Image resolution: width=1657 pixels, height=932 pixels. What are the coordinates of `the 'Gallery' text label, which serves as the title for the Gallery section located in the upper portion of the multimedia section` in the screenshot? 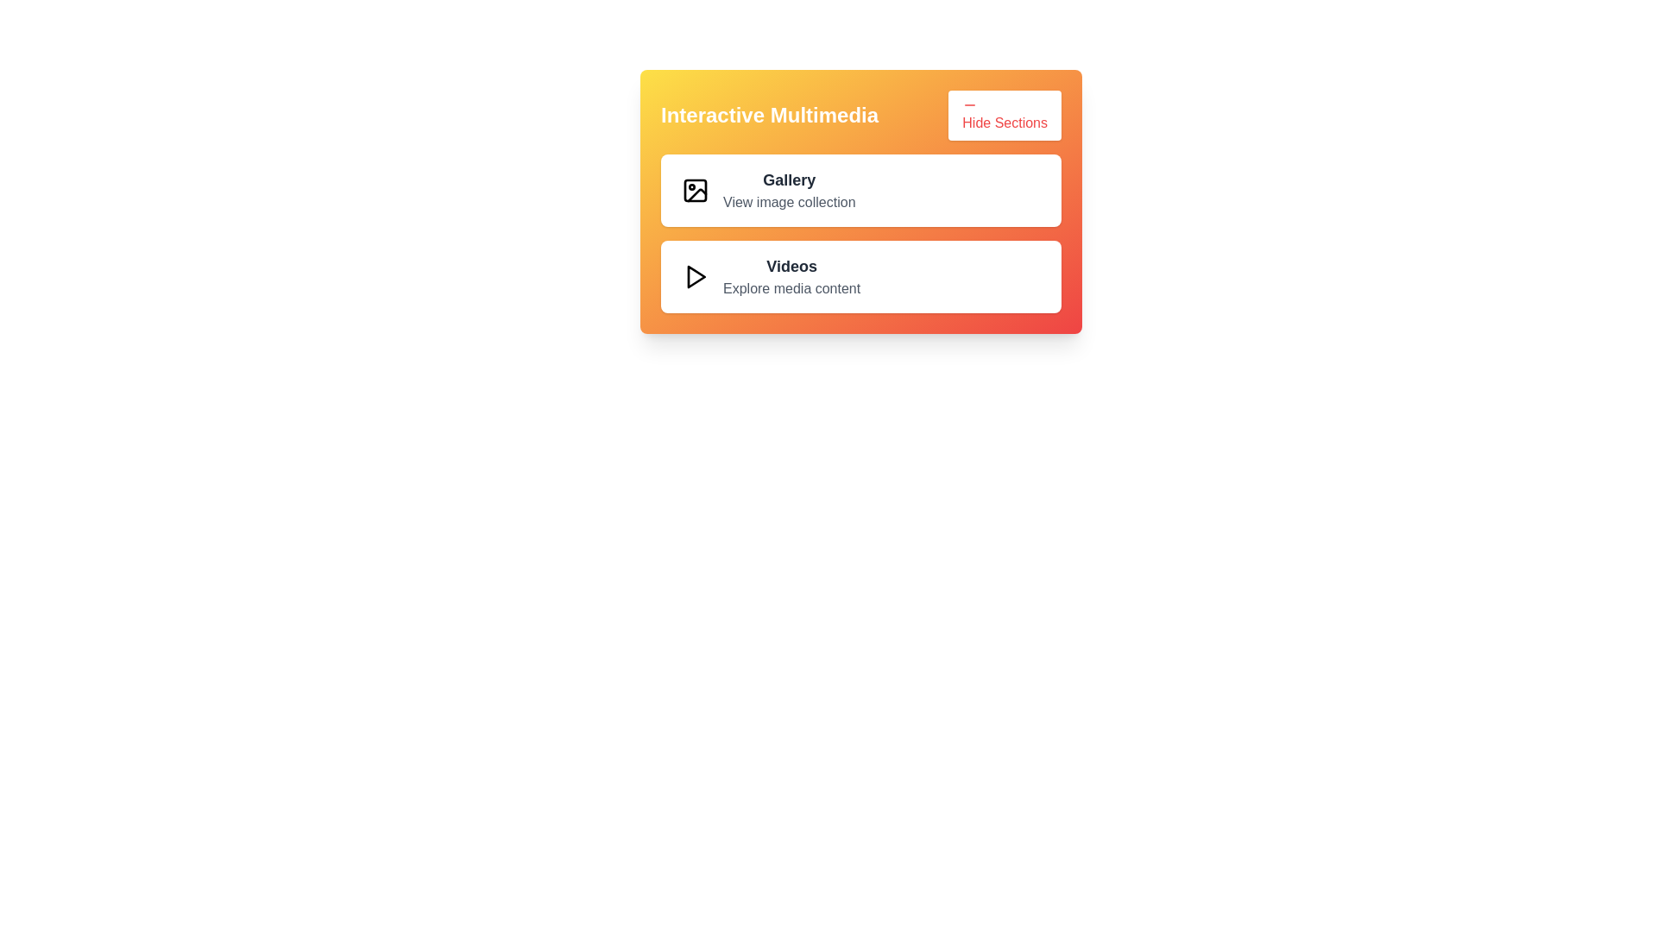 It's located at (788, 179).